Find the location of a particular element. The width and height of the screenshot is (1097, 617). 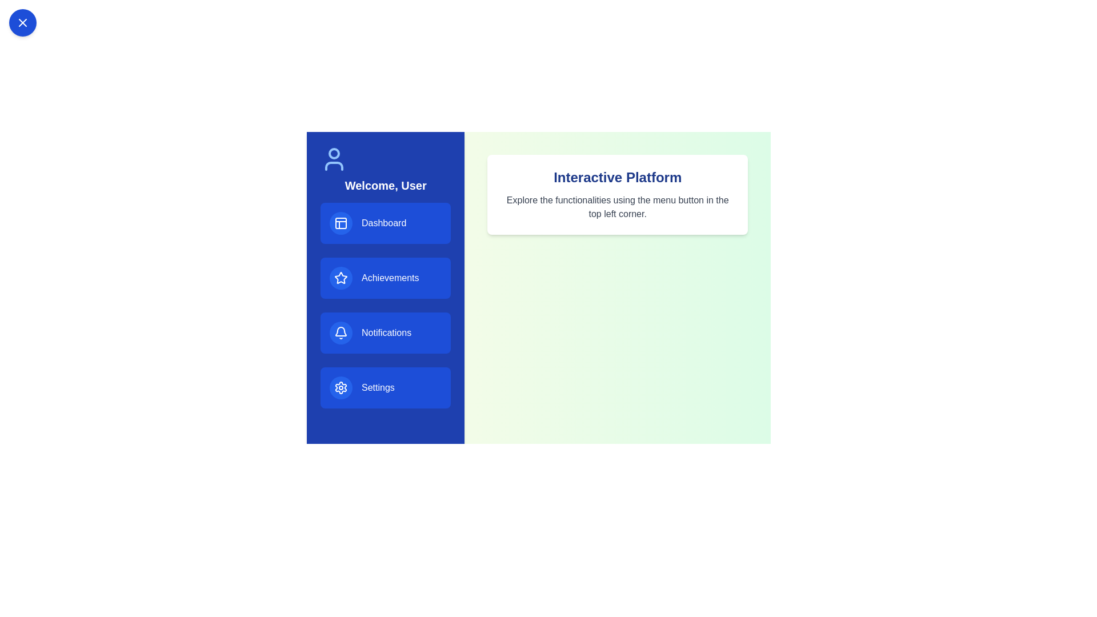

the menu item labeled Settings from the sidebar is located at coordinates (386, 387).